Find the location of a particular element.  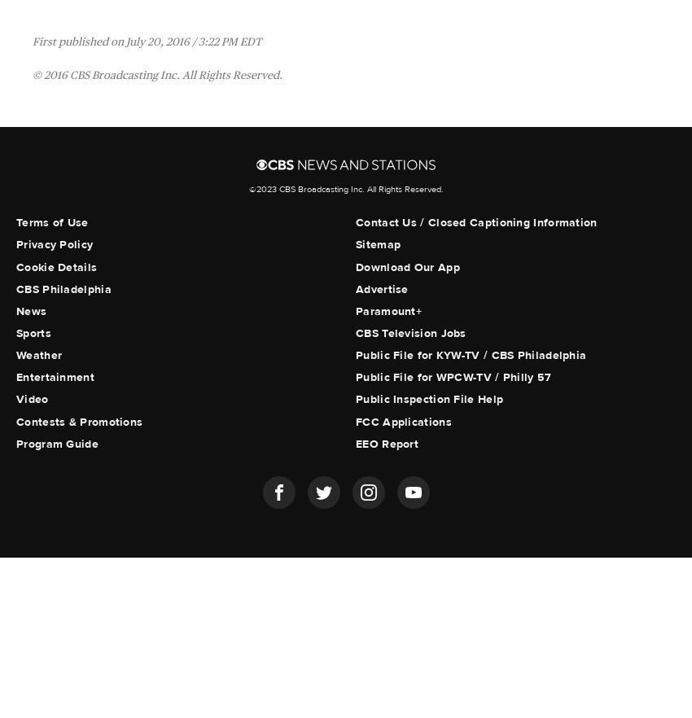

'Sports' is located at coordinates (32, 332).